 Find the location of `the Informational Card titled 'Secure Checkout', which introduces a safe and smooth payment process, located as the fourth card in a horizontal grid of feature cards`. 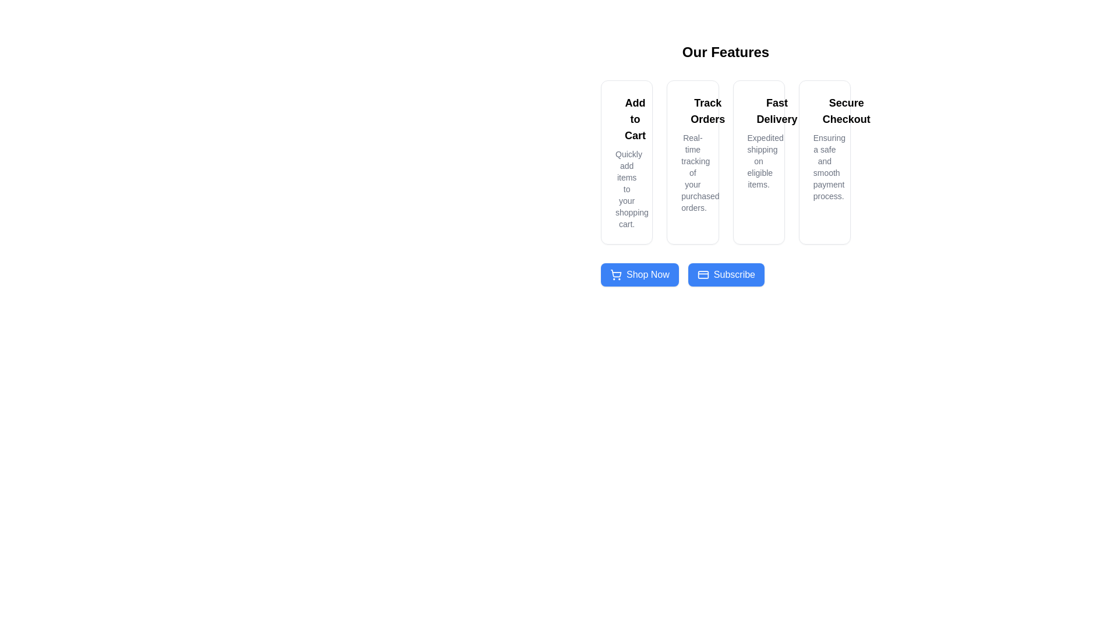

the Informational Card titled 'Secure Checkout', which introduces a safe and smooth payment process, located as the fourth card in a horizontal grid of feature cards is located at coordinates (824, 162).